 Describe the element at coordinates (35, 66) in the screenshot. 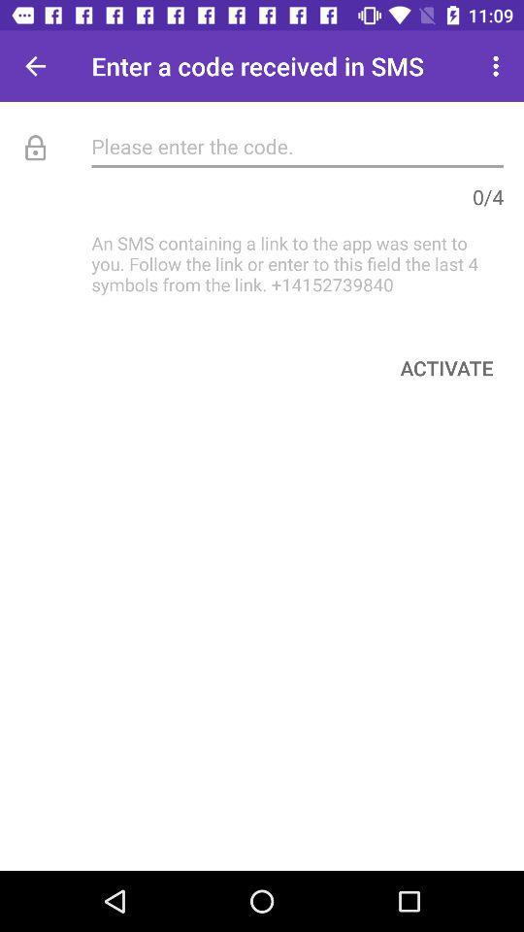

I see `item to the left of the enter a code` at that location.